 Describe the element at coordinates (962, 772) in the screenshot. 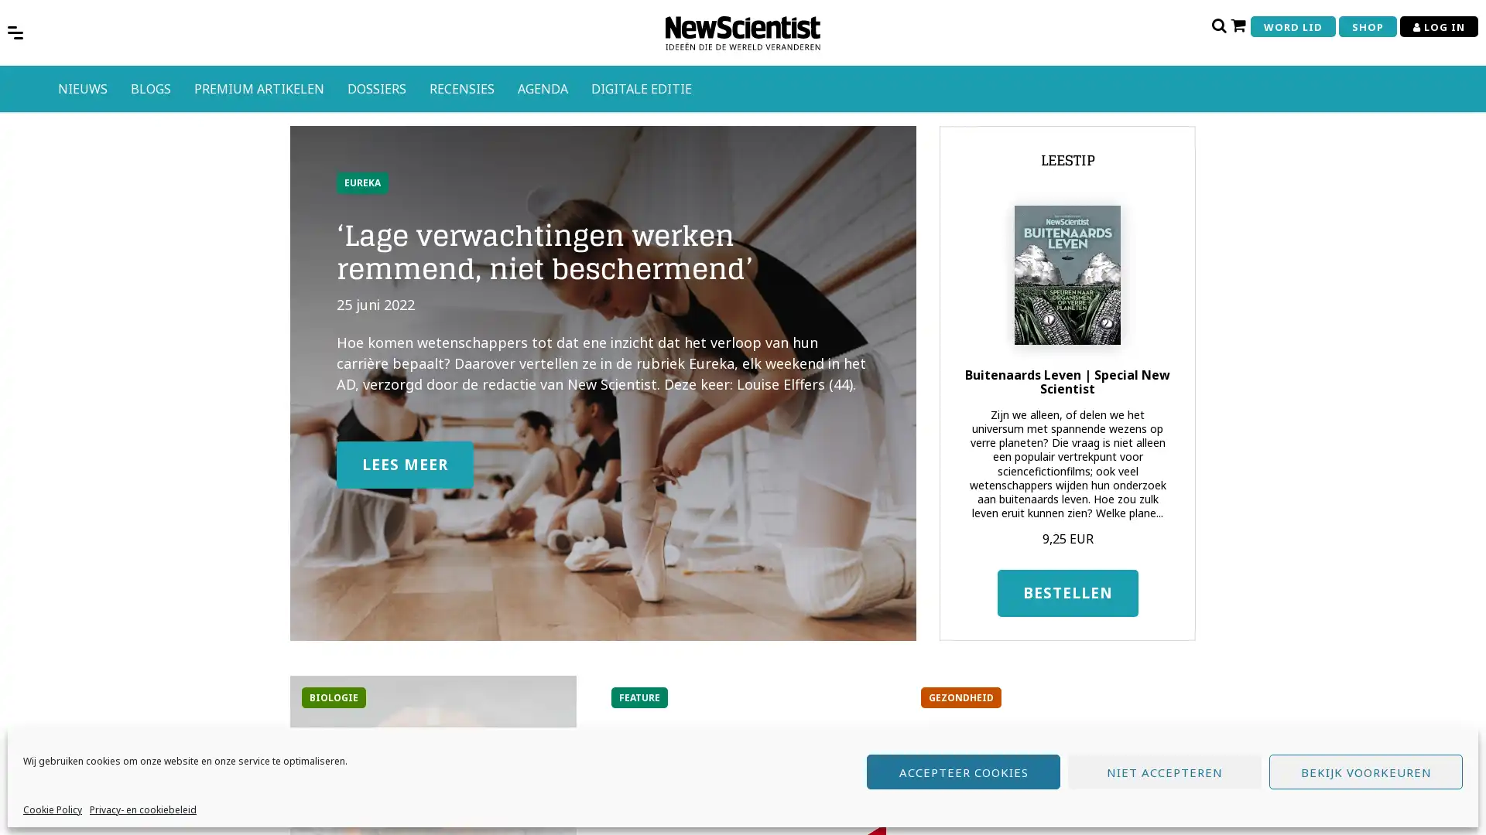

I see `ACCEPTEER COOKIES` at that location.